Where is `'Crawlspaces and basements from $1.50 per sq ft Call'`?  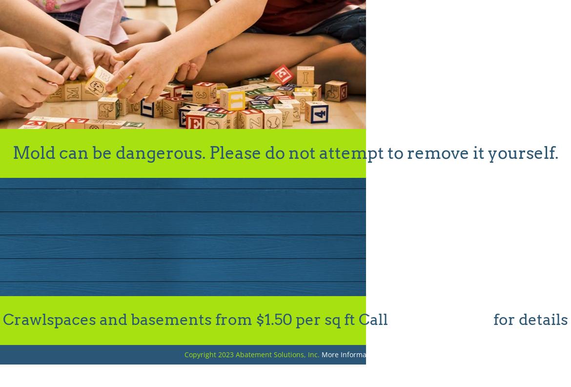
'Crawlspaces and basements from $1.50 per sq ft Call' is located at coordinates (197, 320).